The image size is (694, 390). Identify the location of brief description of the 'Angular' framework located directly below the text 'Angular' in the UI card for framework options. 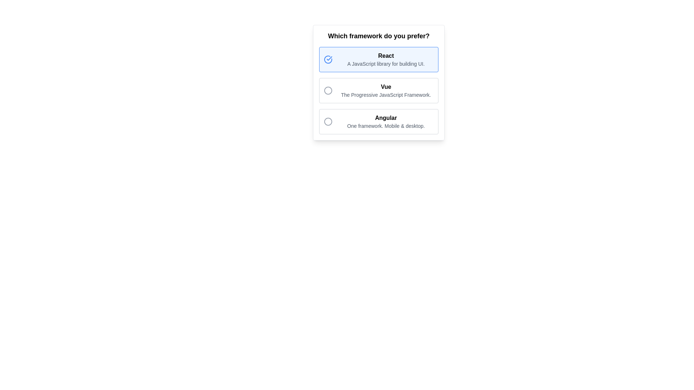
(386, 125).